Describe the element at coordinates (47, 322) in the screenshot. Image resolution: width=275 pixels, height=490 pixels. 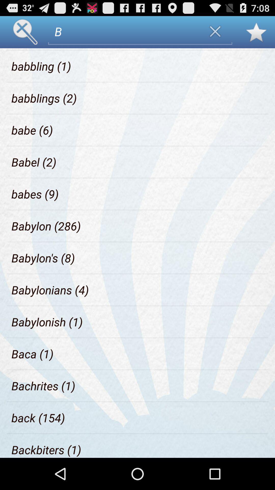
I see `the babylonish (1) item` at that location.